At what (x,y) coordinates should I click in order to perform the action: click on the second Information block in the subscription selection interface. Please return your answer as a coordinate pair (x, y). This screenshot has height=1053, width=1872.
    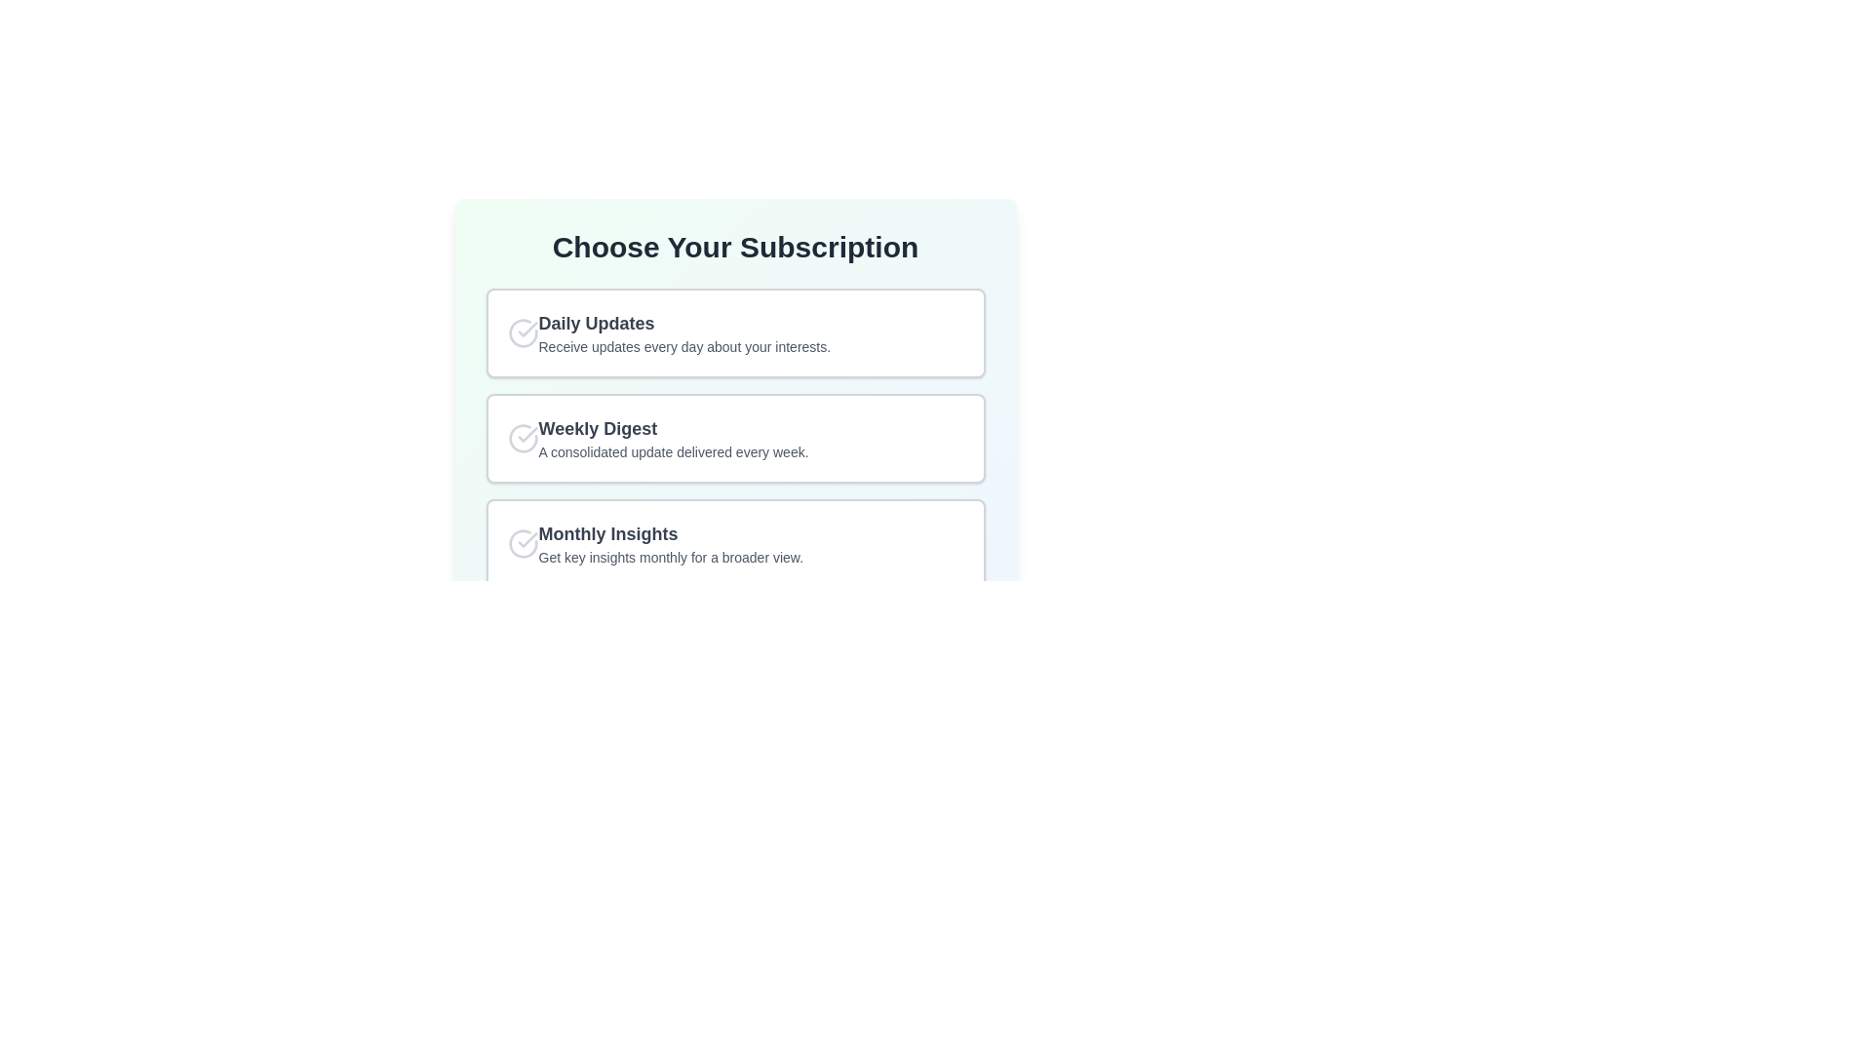
    Looking at the image, I should click on (734, 439).